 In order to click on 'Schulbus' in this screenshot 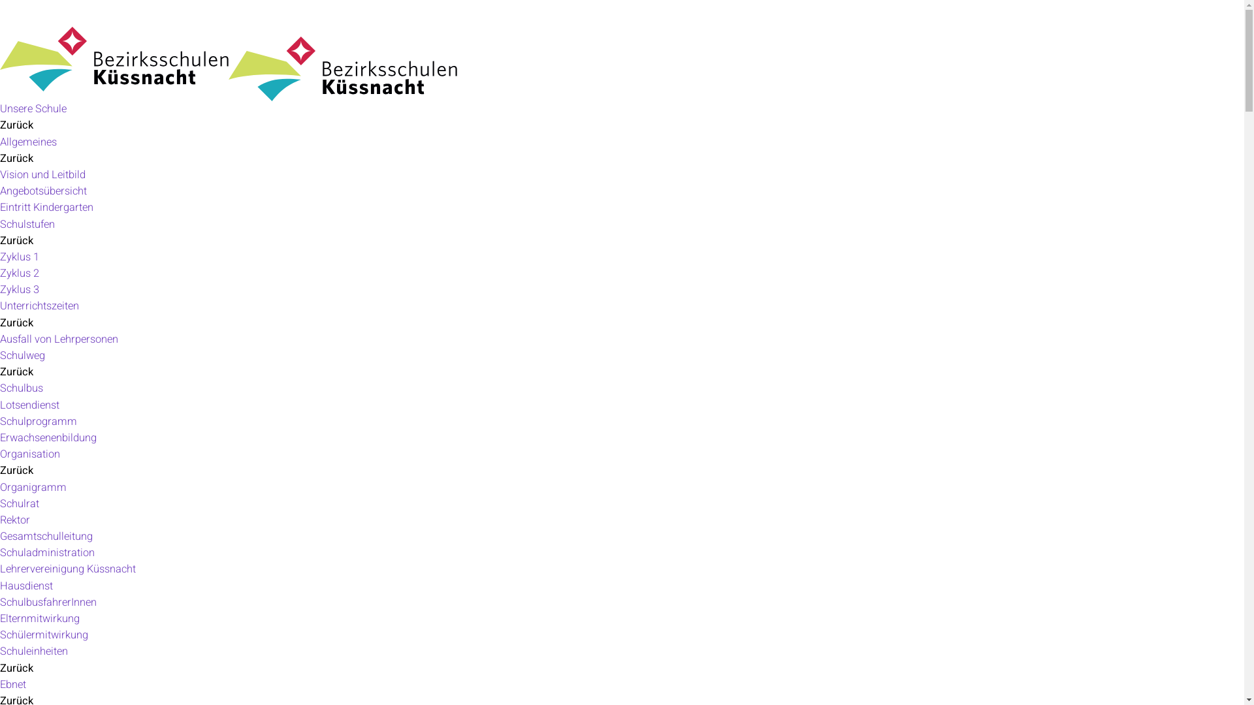, I will do `click(22, 387)`.